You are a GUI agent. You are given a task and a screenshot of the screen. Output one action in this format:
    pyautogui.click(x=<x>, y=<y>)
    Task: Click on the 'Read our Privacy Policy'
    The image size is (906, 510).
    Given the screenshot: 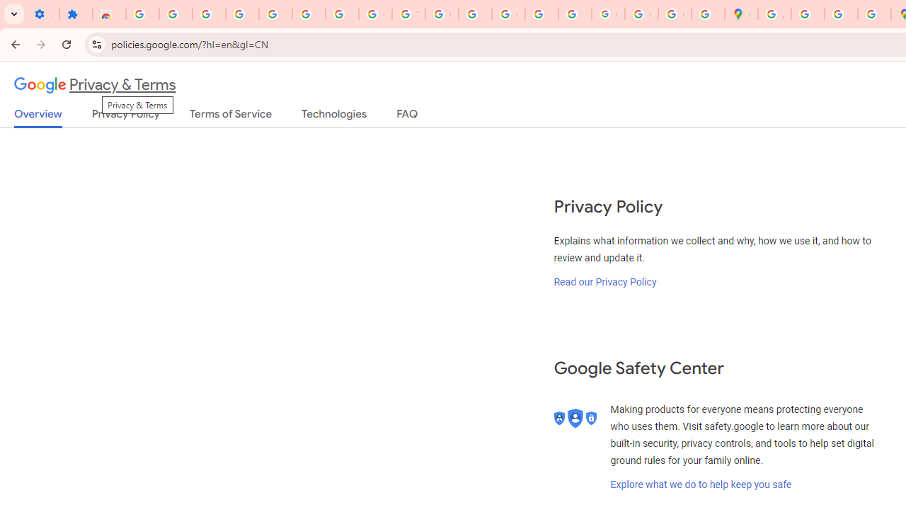 What is the action you would take?
    pyautogui.click(x=605, y=281)
    